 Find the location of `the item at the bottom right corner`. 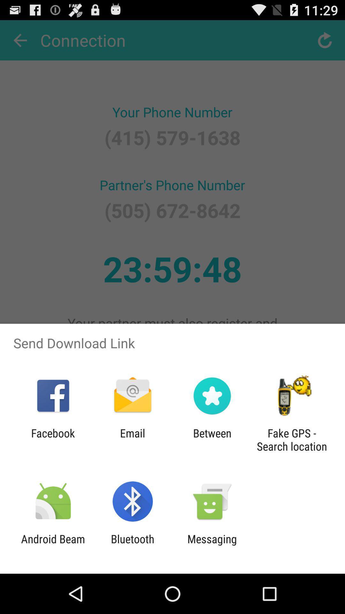

the item at the bottom right corner is located at coordinates (292, 439).